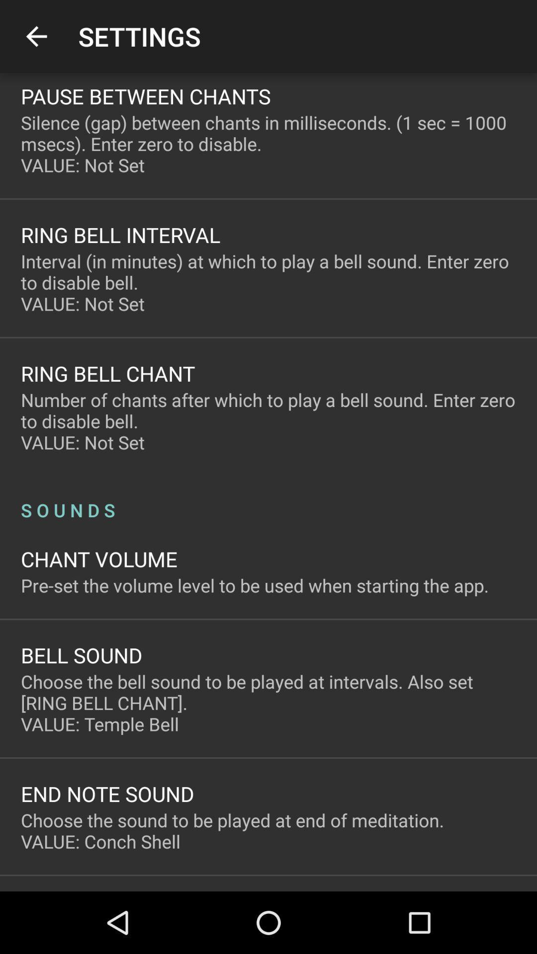 Image resolution: width=537 pixels, height=954 pixels. Describe the element at coordinates (268, 143) in the screenshot. I see `the silence gap between item` at that location.